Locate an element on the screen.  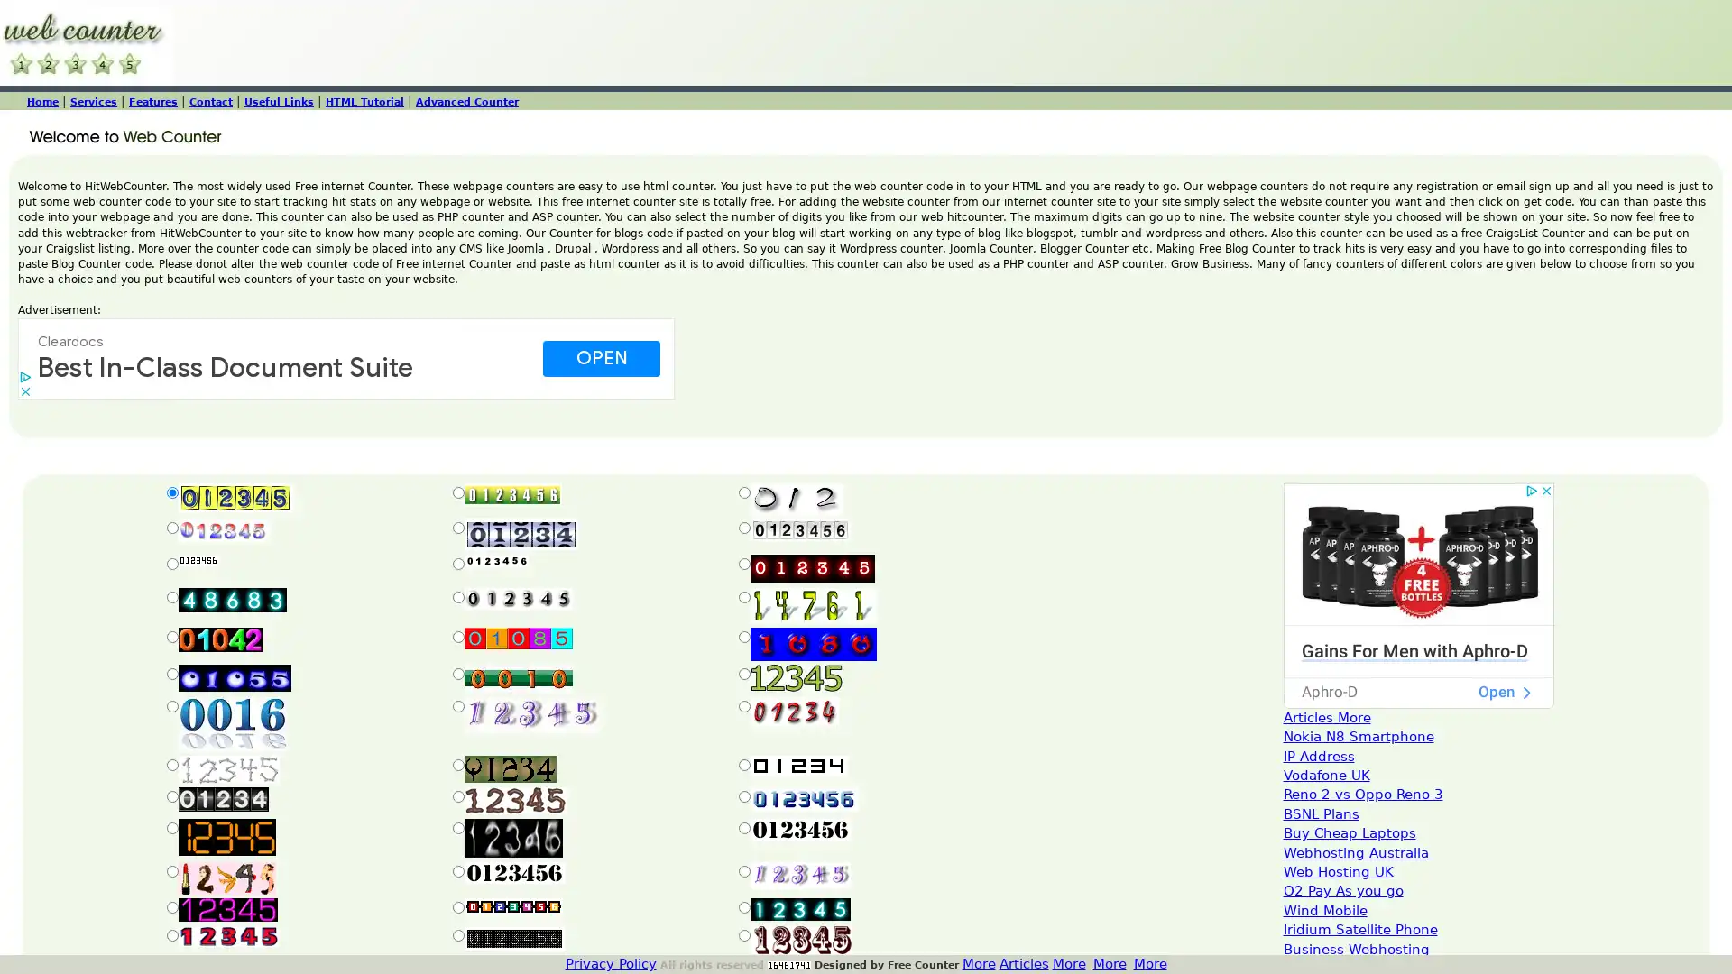
Submit is located at coordinates (517, 636).